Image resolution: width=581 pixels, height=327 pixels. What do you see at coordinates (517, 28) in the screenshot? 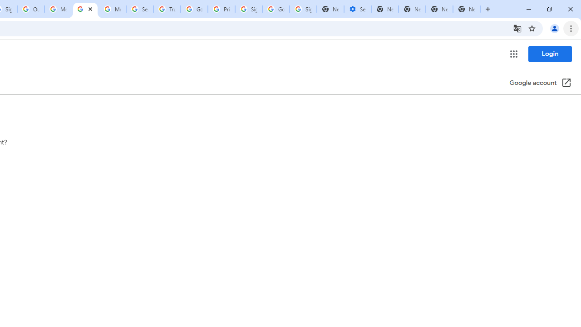
I see `'Translate this page'` at bounding box center [517, 28].